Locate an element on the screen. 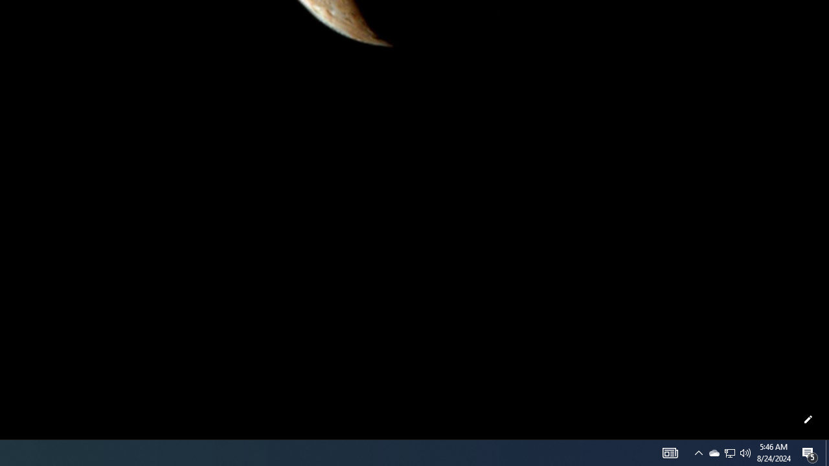  'Customize this page' is located at coordinates (808, 419).